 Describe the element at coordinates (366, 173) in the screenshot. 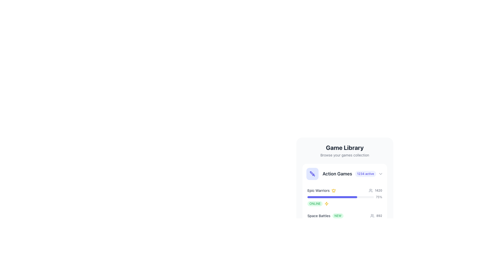

I see `the label displaying '1234 active' located in the 'Action Games' section, positioned to the top-right of the 'Action Games' text` at that location.